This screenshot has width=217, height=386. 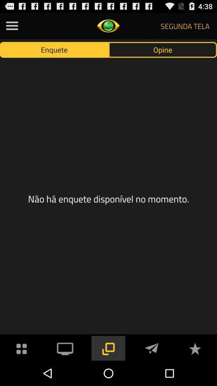 I want to click on the menu icon, so click(x=12, y=27).